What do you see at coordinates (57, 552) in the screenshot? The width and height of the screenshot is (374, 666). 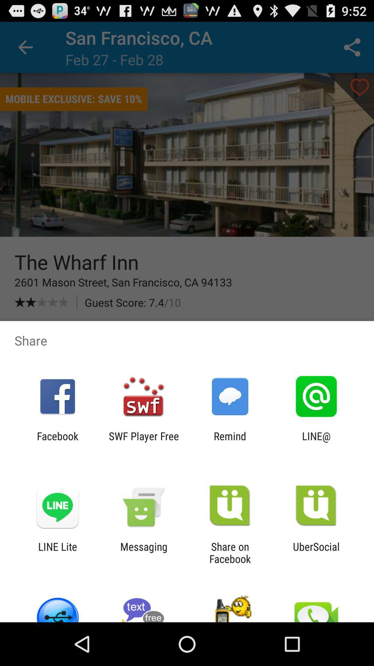 I see `line lite icon` at bounding box center [57, 552].